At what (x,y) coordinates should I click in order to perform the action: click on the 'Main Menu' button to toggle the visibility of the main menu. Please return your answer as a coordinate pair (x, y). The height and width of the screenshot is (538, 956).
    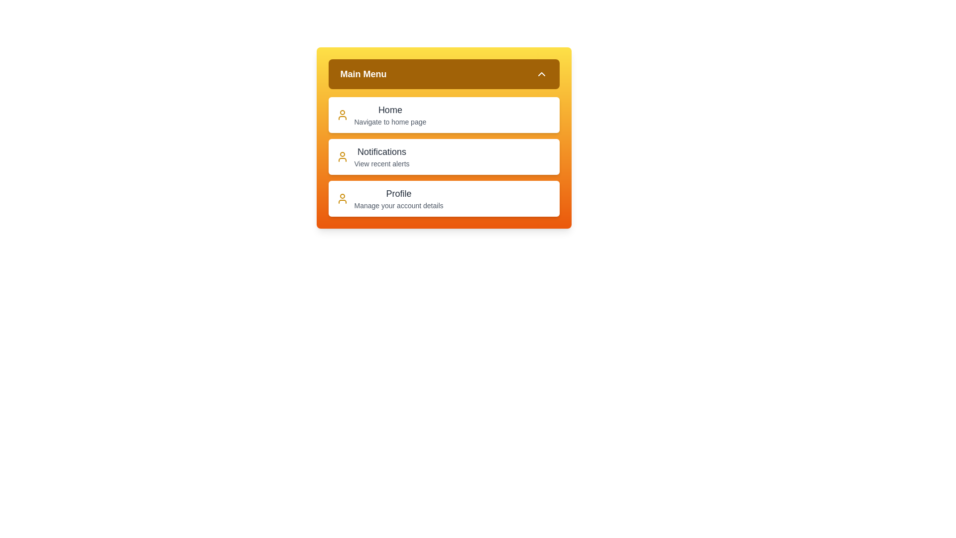
    Looking at the image, I should click on (443, 74).